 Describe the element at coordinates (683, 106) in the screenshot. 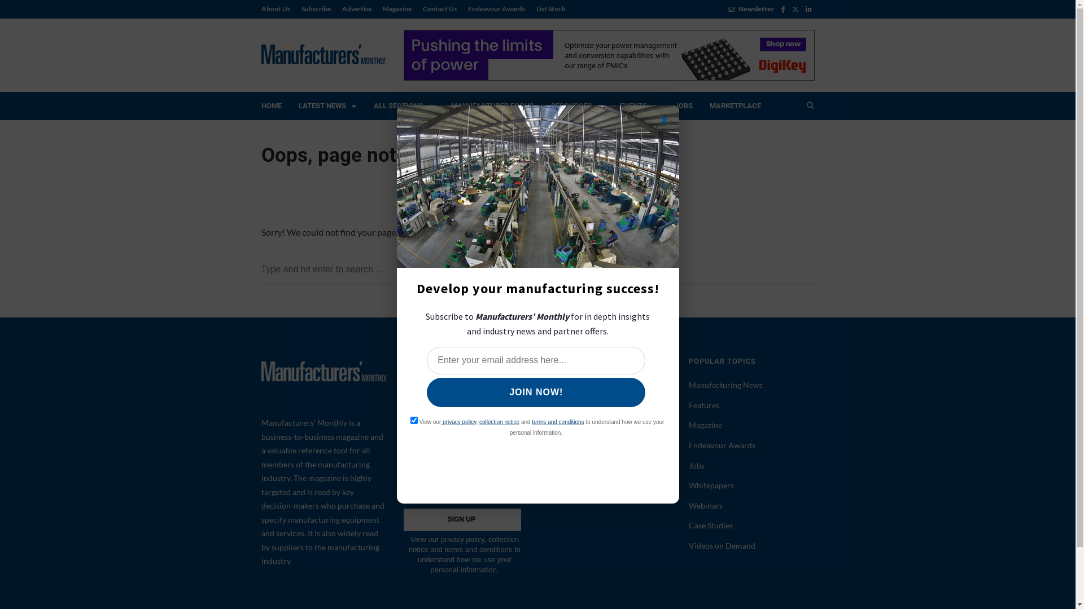

I see `'JOBS'` at that location.